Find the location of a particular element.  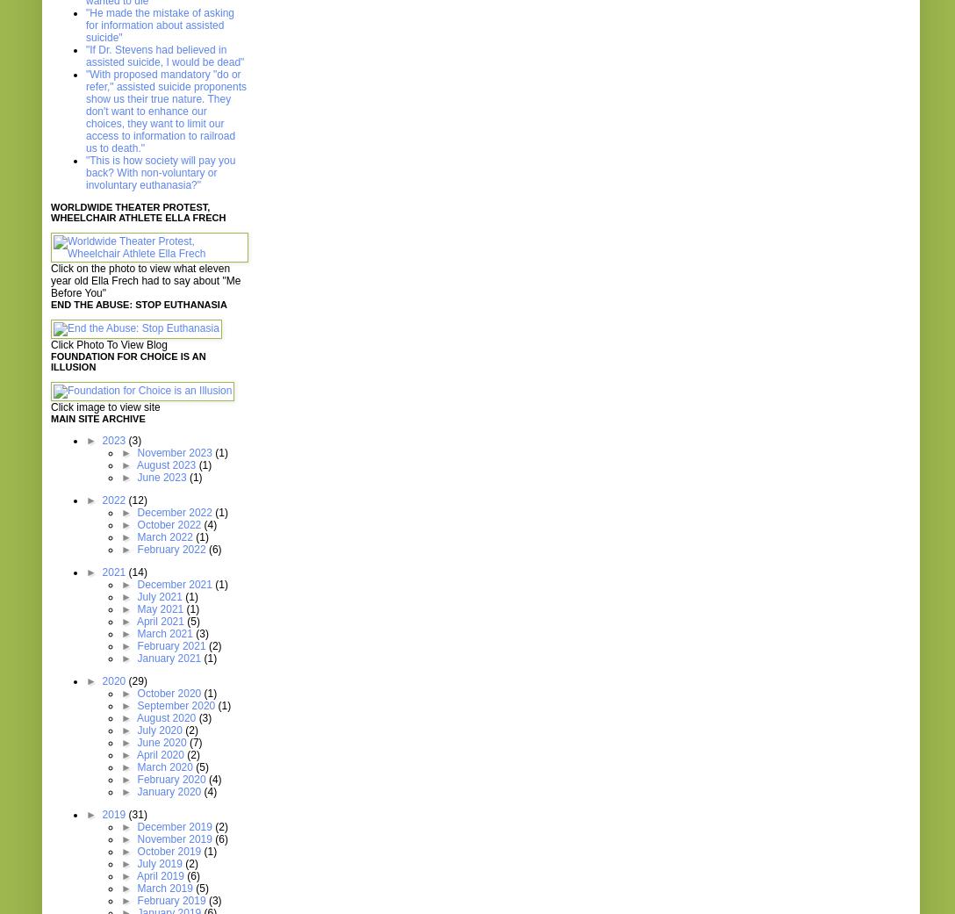

'April 2019' is located at coordinates (160, 876).